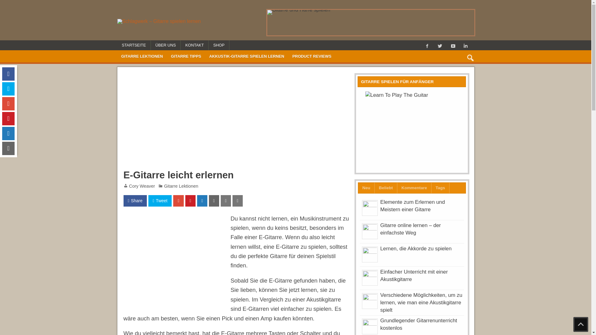  What do you see at coordinates (312, 56) in the screenshot?
I see `'PRODUCT REVIEWS'` at bounding box center [312, 56].